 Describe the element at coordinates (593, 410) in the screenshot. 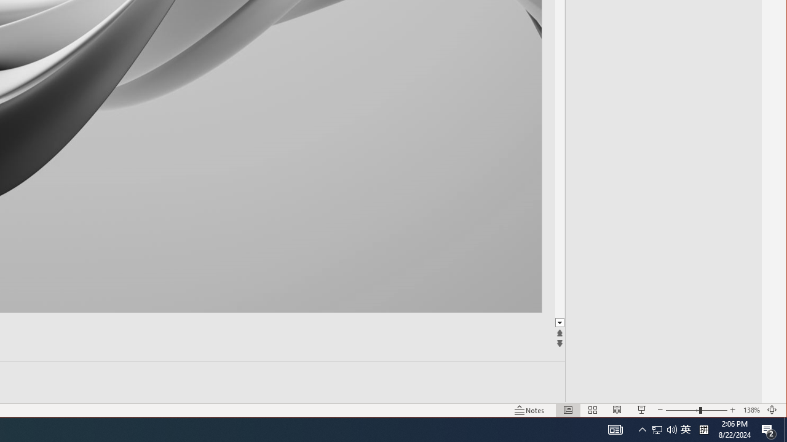

I see `'Slide Sorter'` at that location.